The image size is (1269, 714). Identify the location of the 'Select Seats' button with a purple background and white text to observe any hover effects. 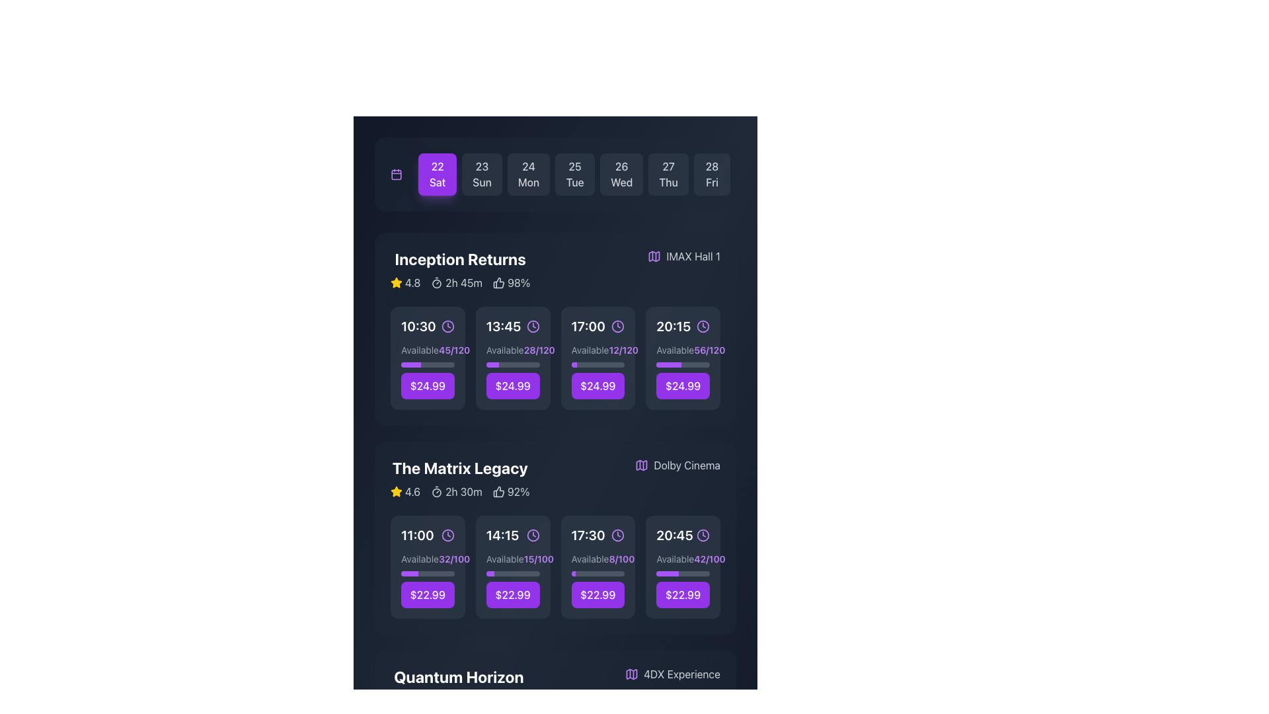
(434, 358).